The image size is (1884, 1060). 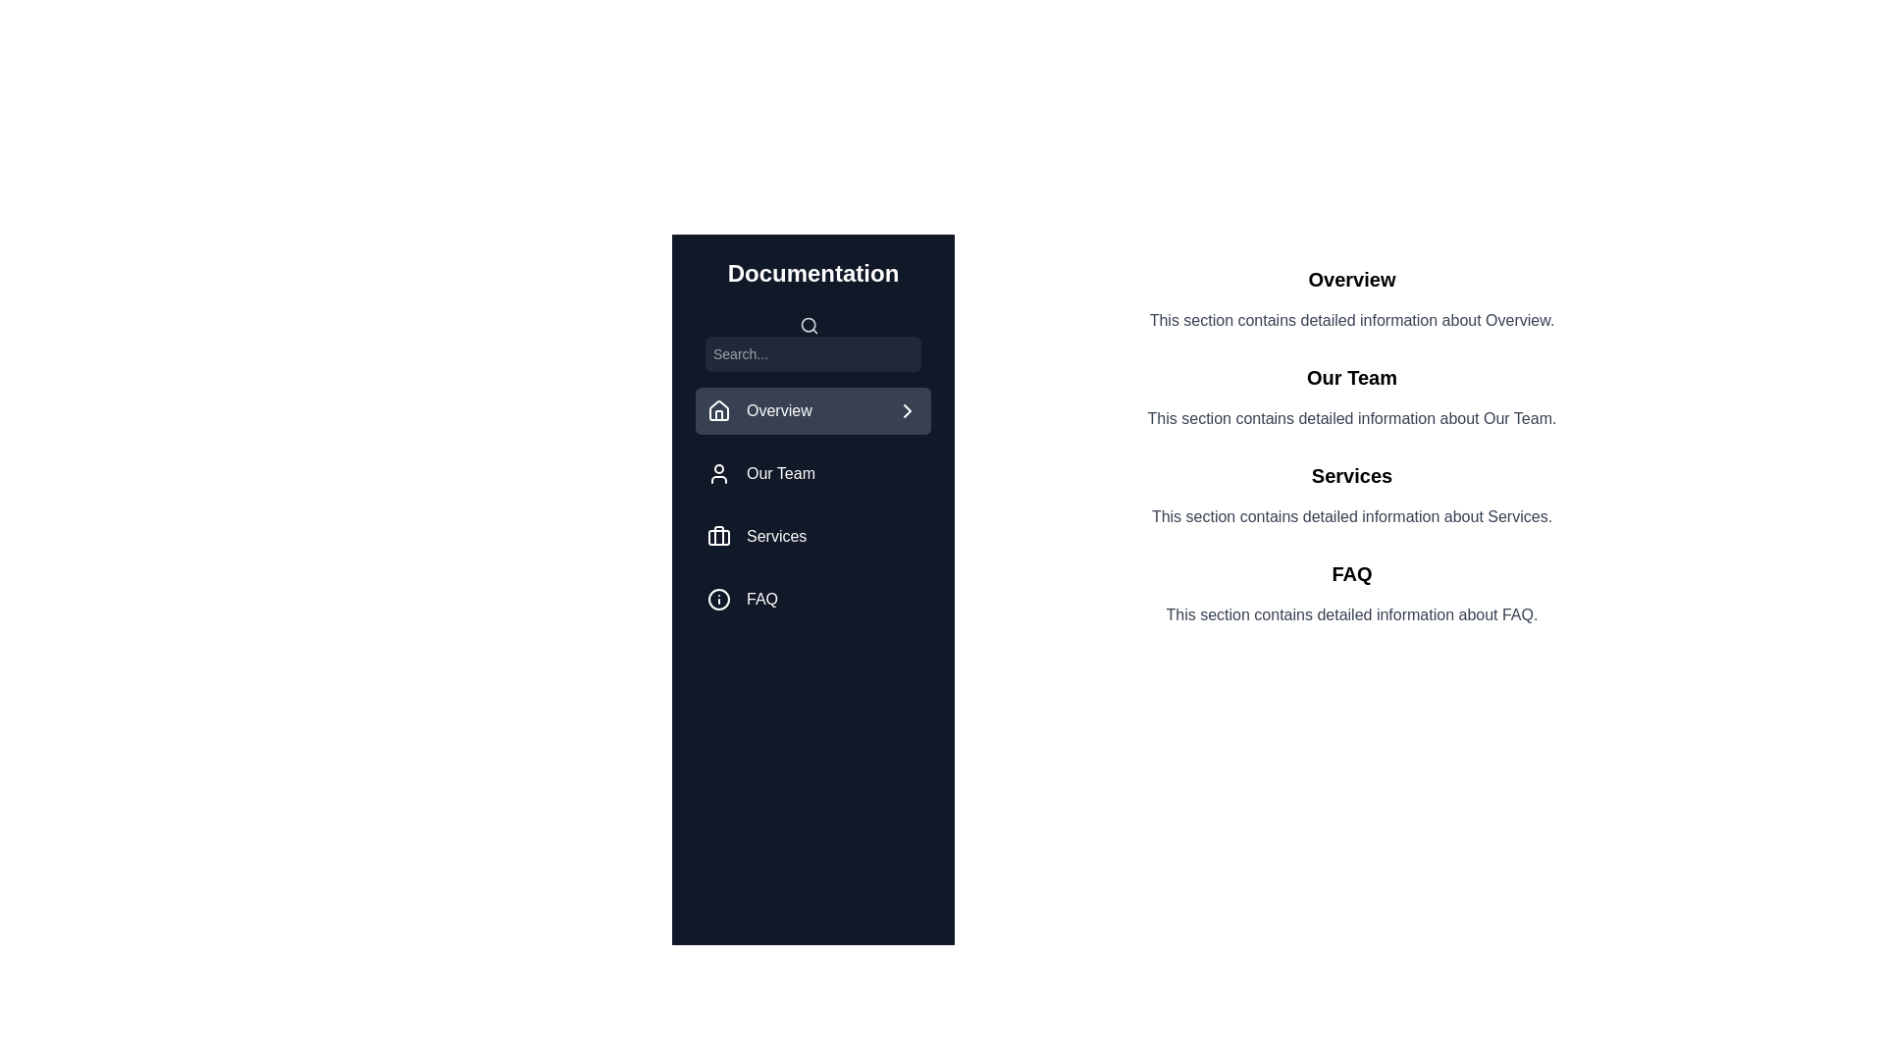 What do you see at coordinates (718, 408) in the screenshot?
I see `the SVG-based house icon component representing the 'Overview' section in the left-side navigation pane` at bounding box center [718, 408].